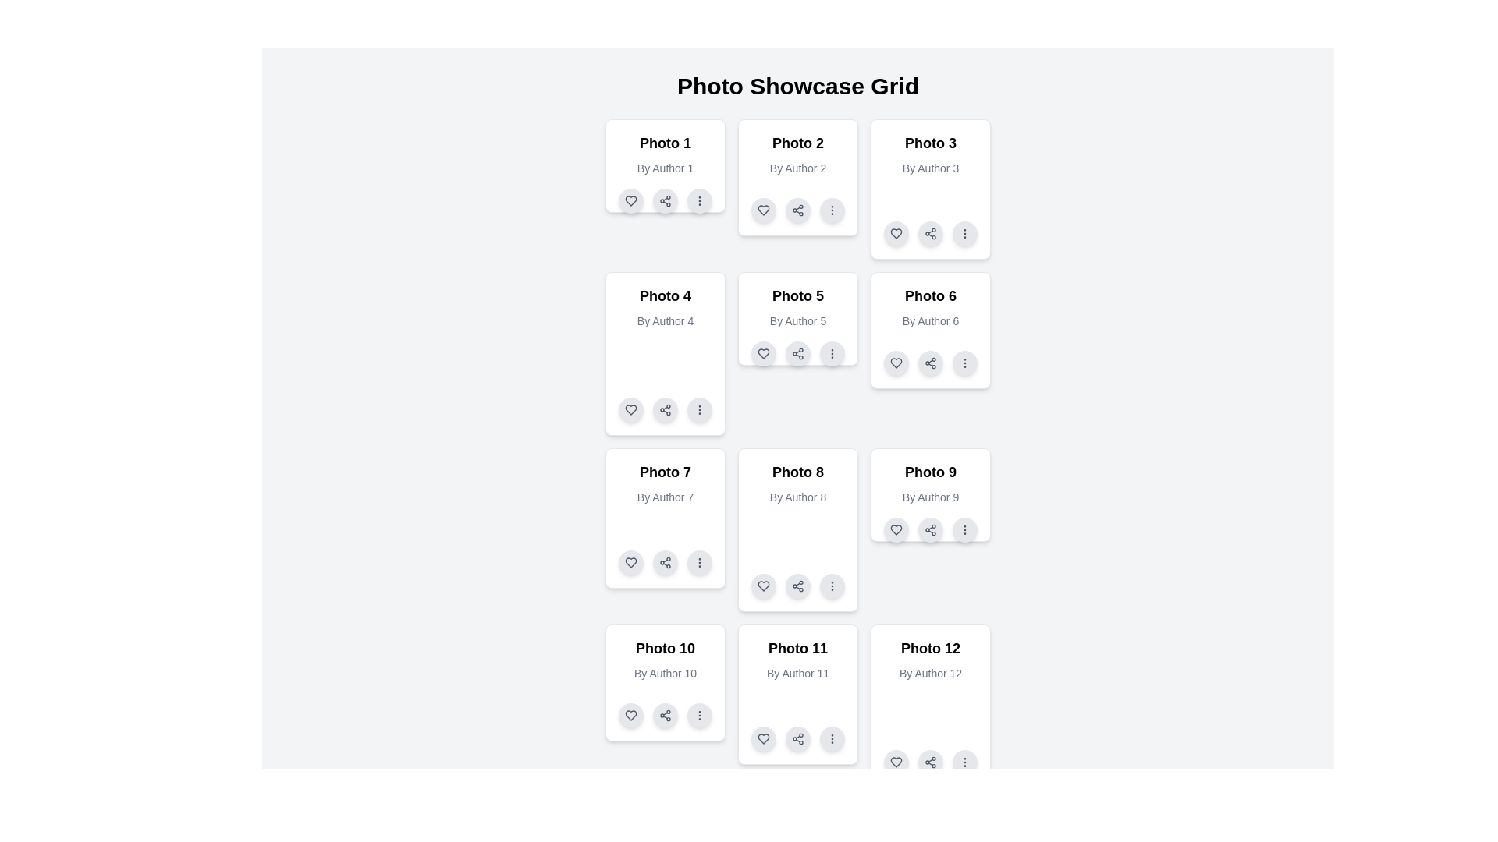 Image resolution: width=1498 pixels, height=842 pixels. What do you see at coordinates (631, 409) in the screenshot?
I see `the 'like' button located in the 'Photo 4' card, which is the leftmost button in the bottom row of the grid layout` at bounding box center [631, 409].